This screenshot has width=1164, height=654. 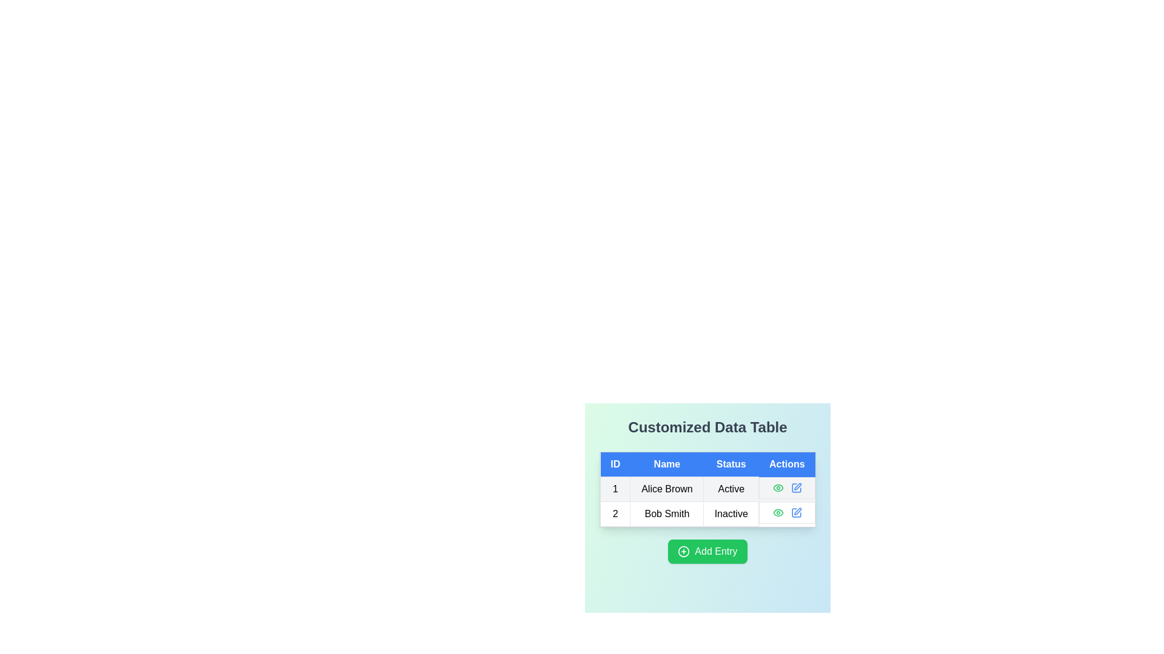 I want to click on the first table cell containing the text '1', so click(x=615, y=488).